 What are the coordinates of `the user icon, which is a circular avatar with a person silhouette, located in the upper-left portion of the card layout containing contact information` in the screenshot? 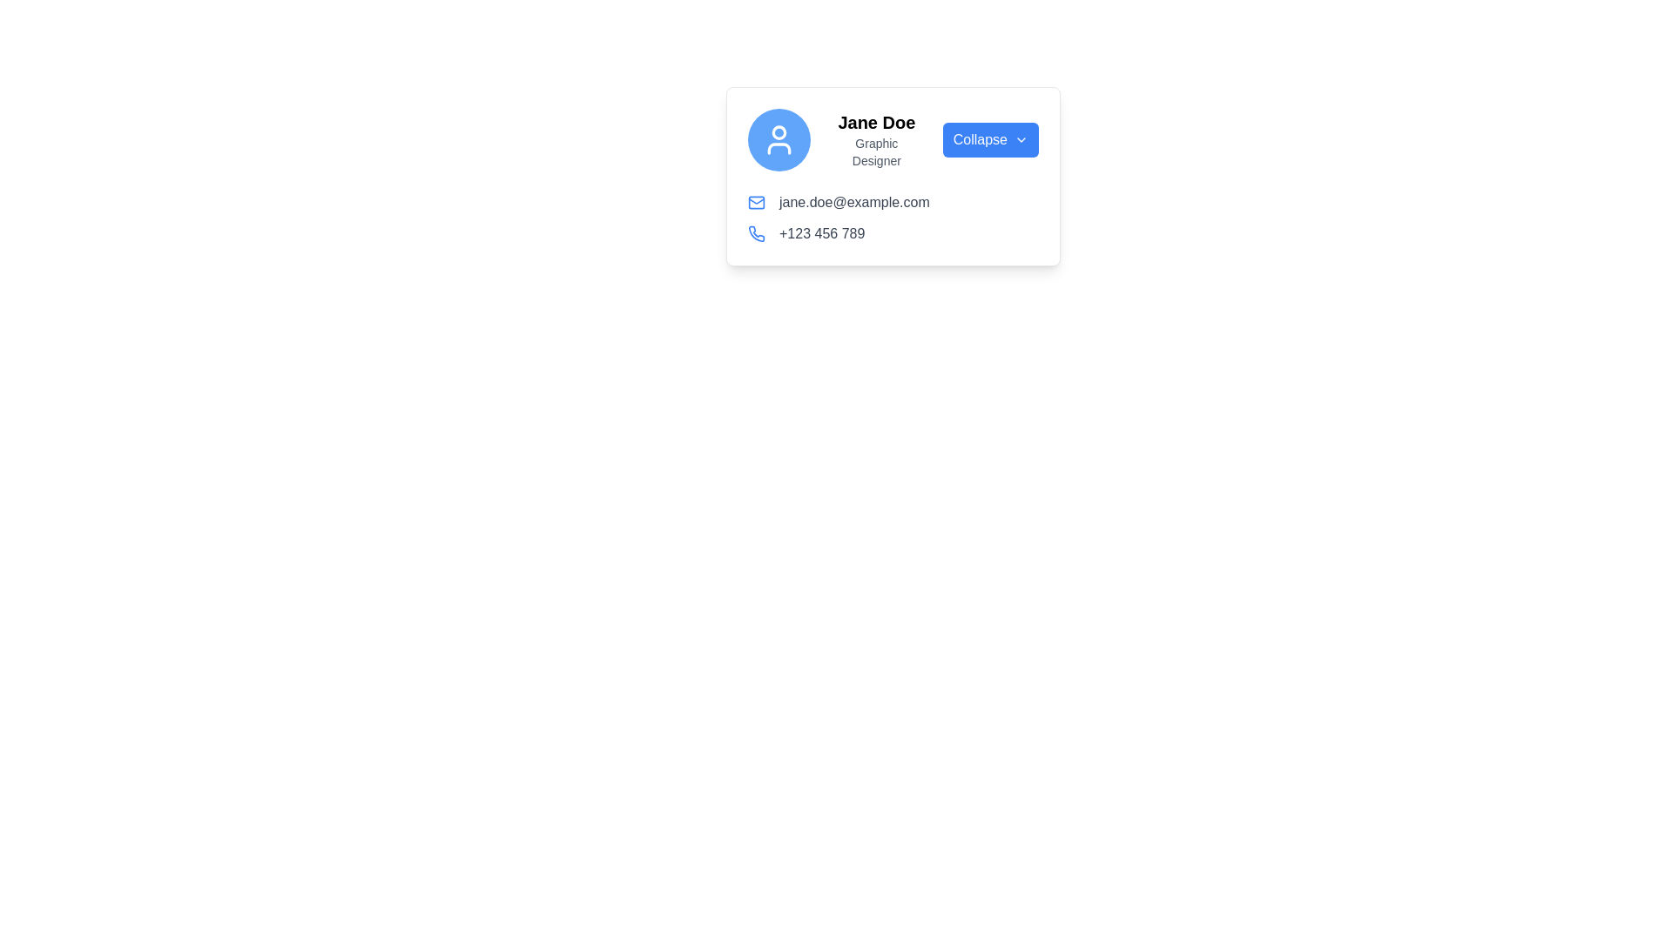 It's located at (778, 139).